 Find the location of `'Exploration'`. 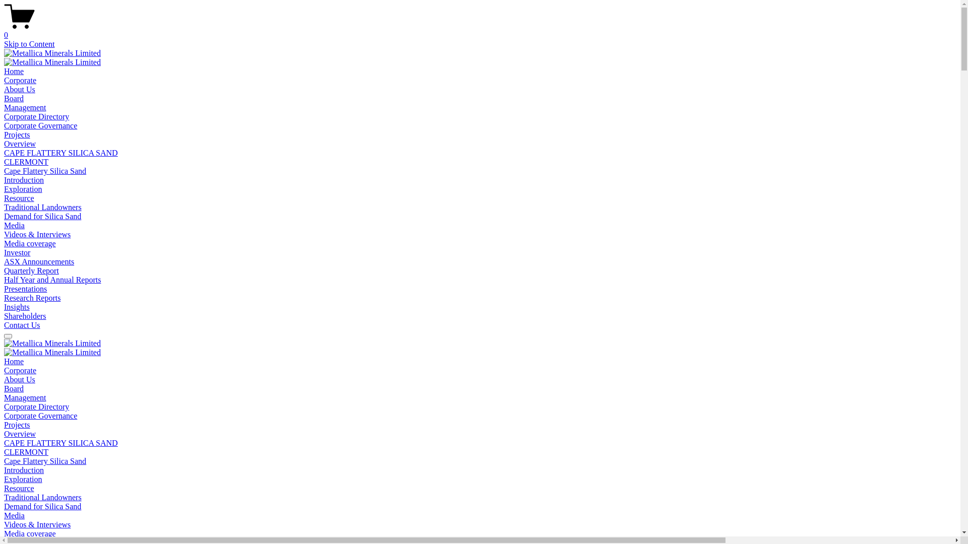

'Exploration' is located at coordinates (23, 189).